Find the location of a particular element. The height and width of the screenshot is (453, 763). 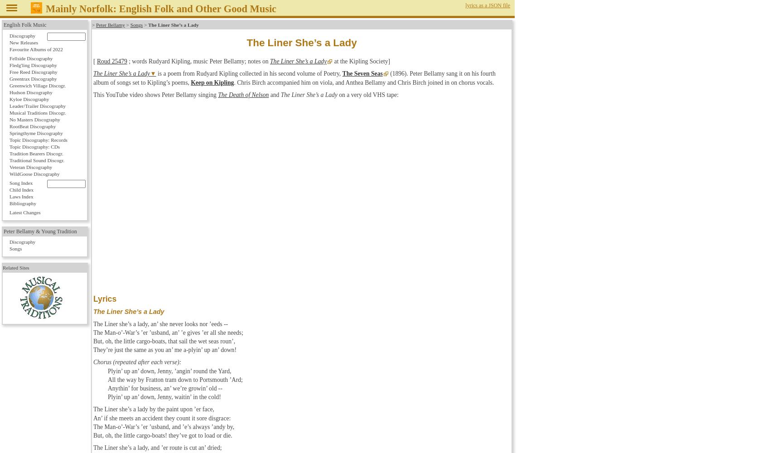

'An’ if she meets an accident they count it sore disgrace:' is located at coordinates (162, 418).